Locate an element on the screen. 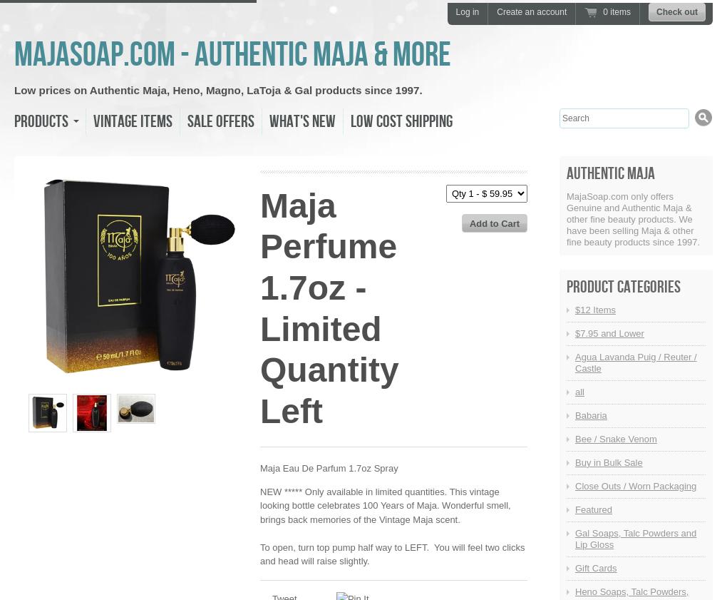 This screenshot has width=727, height=600. 'Product Categories' is located at coordinates (622, 285).